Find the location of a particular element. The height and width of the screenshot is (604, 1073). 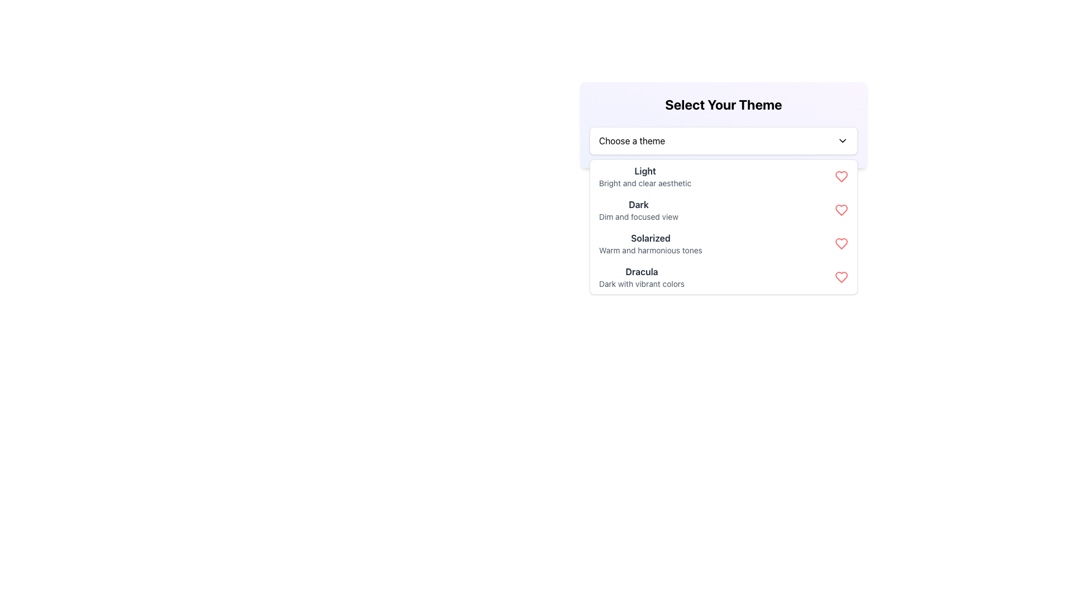

the text label indicating the current selection to highlight it is located at coordinates (632, 140).